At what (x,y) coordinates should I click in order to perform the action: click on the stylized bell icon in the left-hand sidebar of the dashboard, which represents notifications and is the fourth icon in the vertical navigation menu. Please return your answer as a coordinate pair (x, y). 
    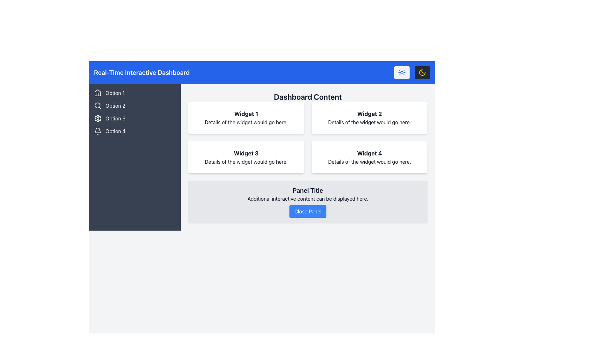
    Looking at the image, I should click on (98, 130).